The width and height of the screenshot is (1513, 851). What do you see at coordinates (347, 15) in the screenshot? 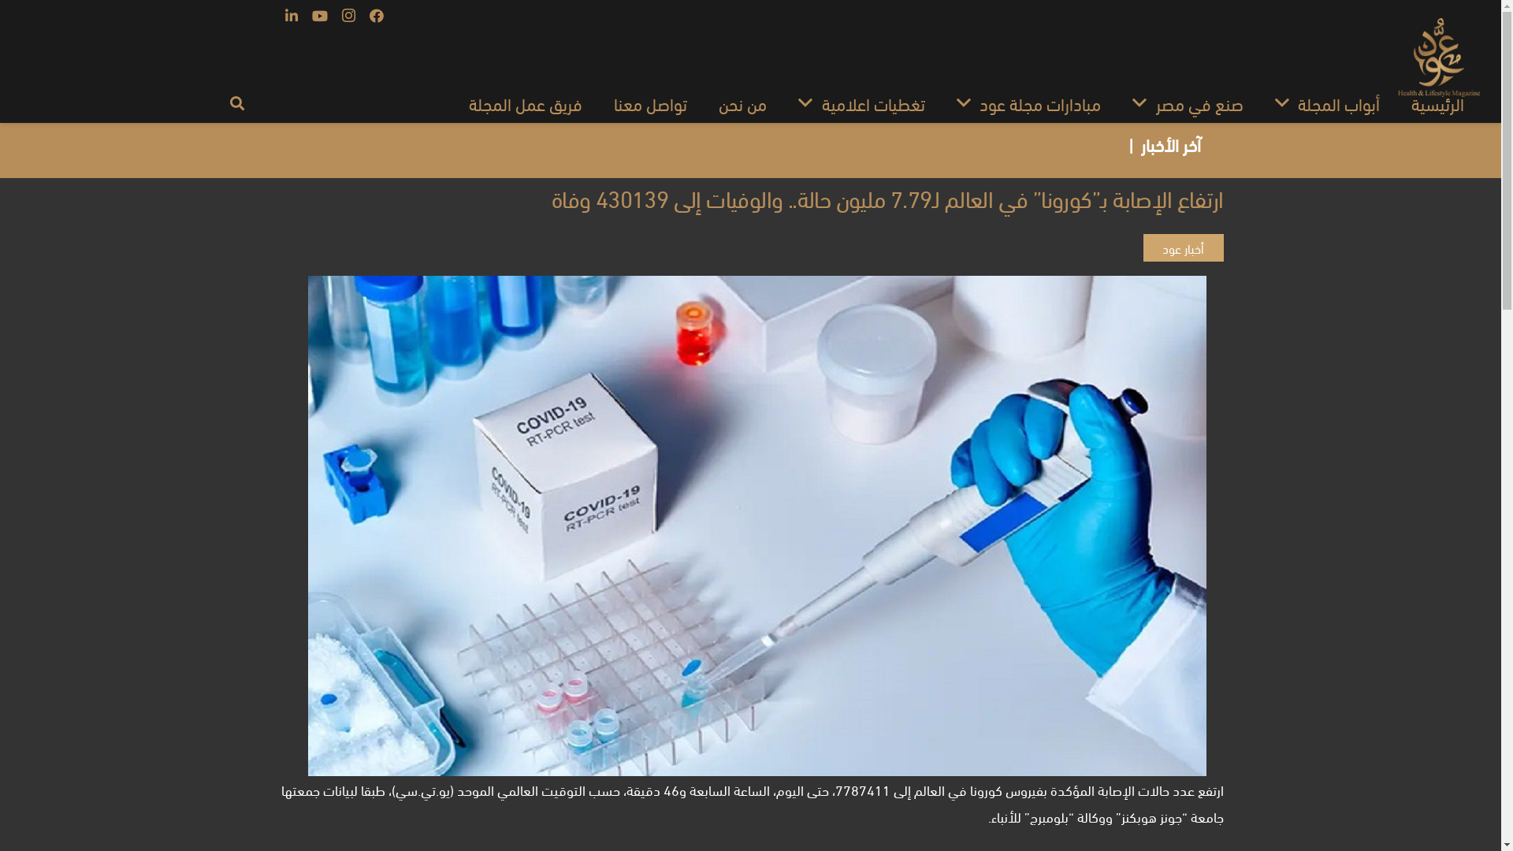
I see `'Instagram'` at bounding box center [347, 15].